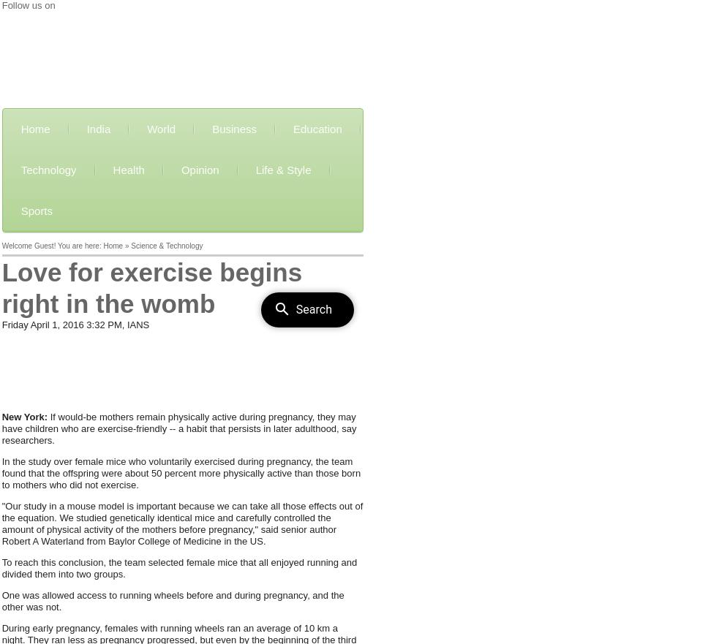 Image resolution: width=719 pixels, height=644 pixels. What do you see at coordinates (181, 473) in the screenshot?
I see `'In the study over female mice who voluntarily exercised during pregnancy, the team found that the offspring were about 50 percent more physically active than those born to mothers who did not exercise.'` at bounding box center [181, 473].